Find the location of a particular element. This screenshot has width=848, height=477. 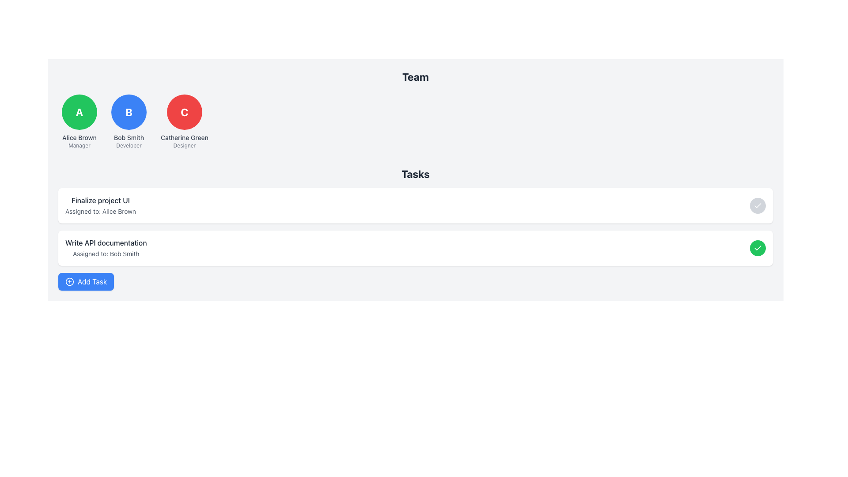

text details of the Task Descriptor titled 'Finalize project UI' assigned to 'Alice Brown' located in the 'Tasks' section is located at coordinates (100, 206).